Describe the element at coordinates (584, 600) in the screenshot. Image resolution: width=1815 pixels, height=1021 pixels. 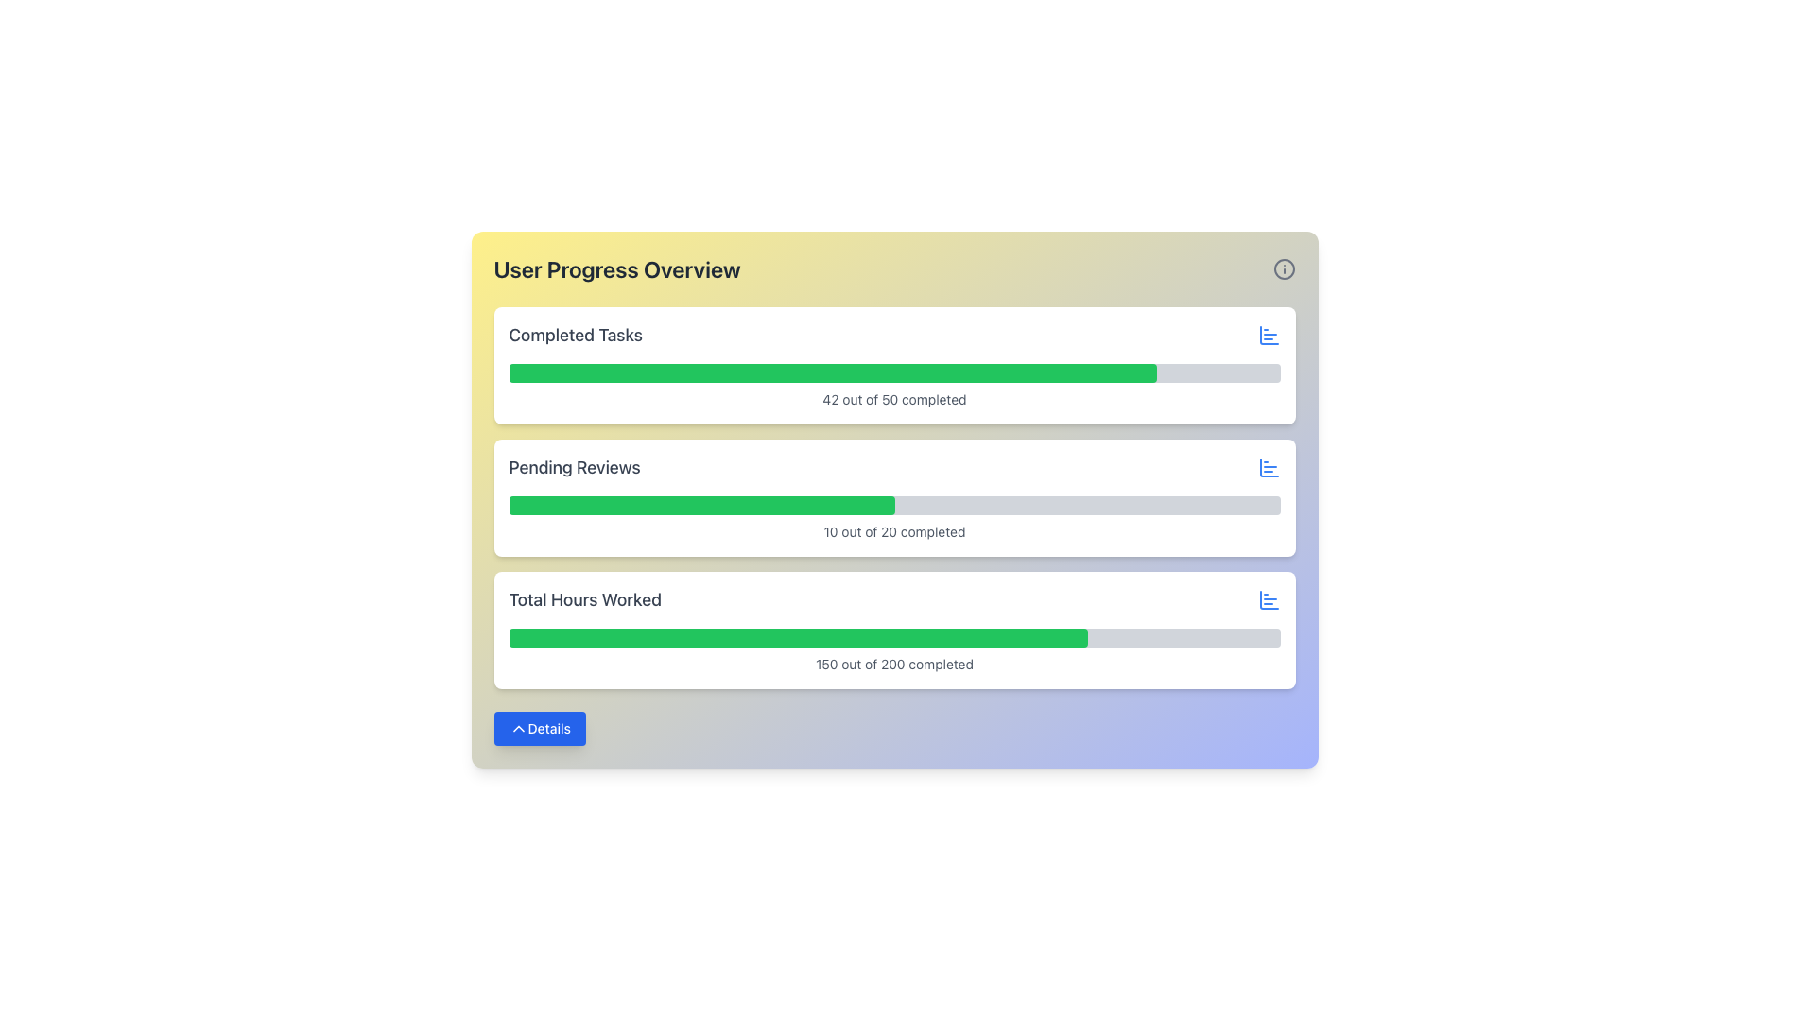
I see `the 'Total Hours Worked' text label which is styled with a large gray font, located in the bottom third of the main card and to the left of a bar chart icon` at that location.